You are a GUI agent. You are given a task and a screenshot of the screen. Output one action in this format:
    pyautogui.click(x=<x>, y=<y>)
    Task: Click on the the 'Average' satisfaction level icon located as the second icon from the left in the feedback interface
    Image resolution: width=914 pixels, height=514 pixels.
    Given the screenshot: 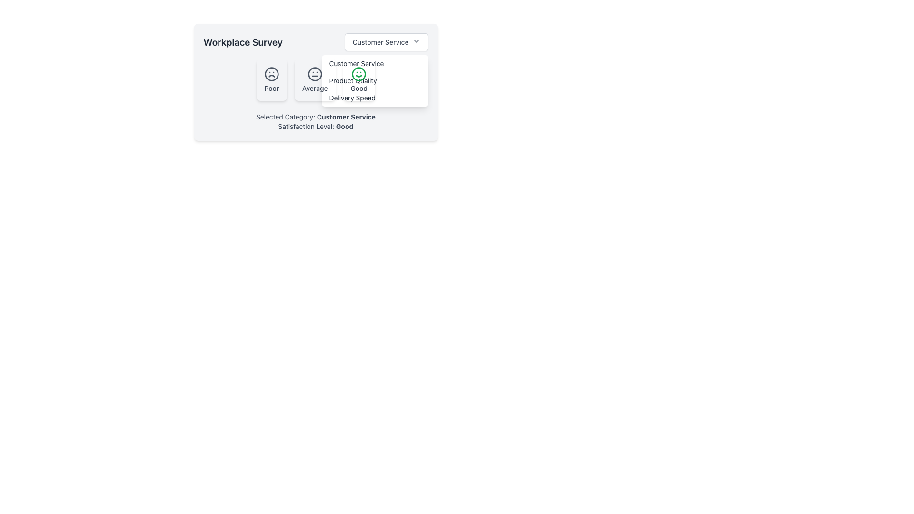 What is the action you would take?
    pyautogui.click(x=315, y=73)
    